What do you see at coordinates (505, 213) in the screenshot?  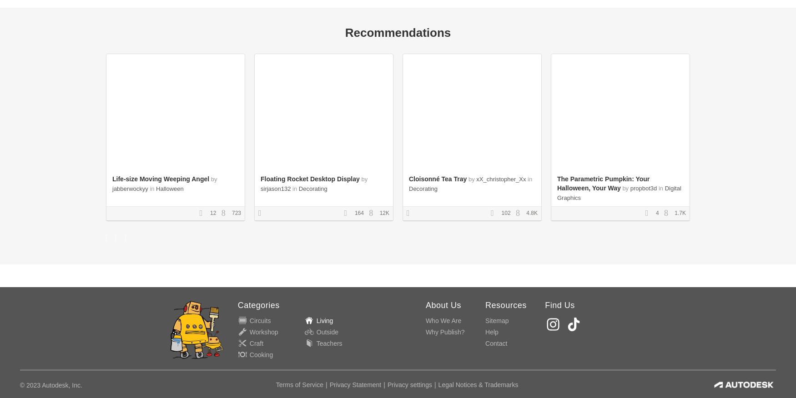 I see `'102'` at bounding box center [505, 213].